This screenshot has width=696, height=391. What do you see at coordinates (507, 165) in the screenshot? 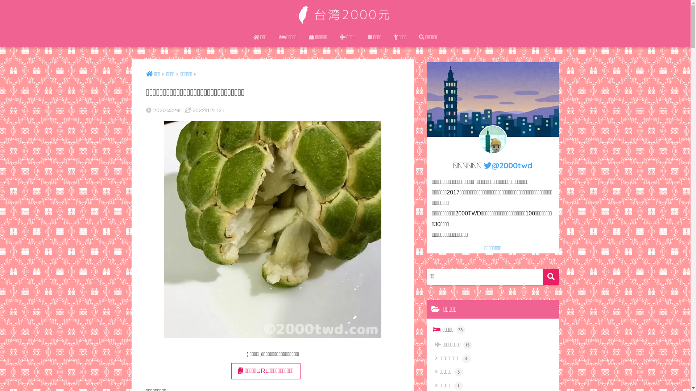
I see `'@2000twd'` at bounding box center [507, 165].